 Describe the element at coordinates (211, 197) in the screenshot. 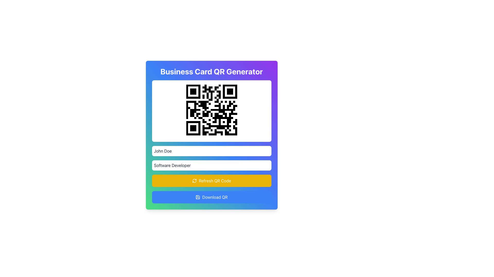

I see `the blue 'Download QR' button with white text and save icon located below the 'Refresh QR Code' button` at that location.